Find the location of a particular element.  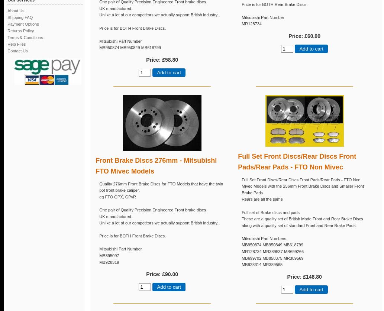

'MB928314 MR389565' is located at coordinates (262, 264).